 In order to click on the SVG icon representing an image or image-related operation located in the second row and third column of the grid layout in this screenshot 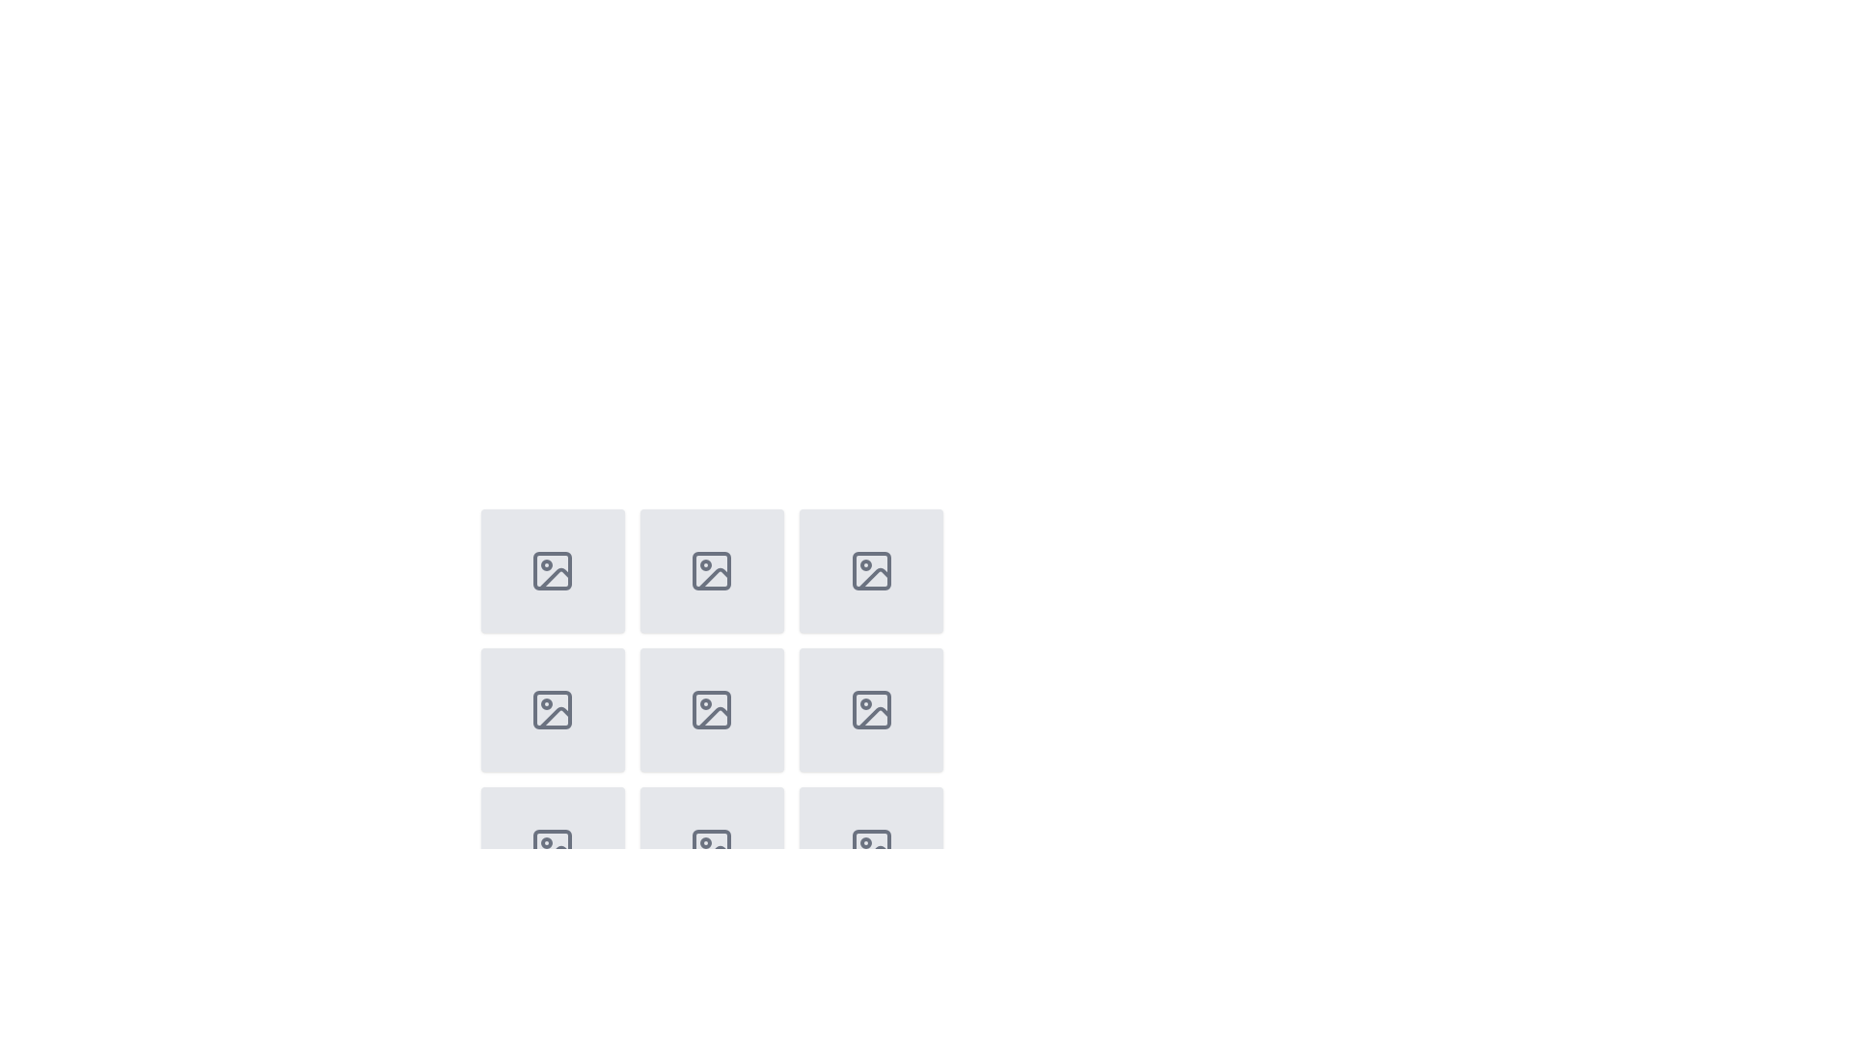, I will do `click(870, 569)`.